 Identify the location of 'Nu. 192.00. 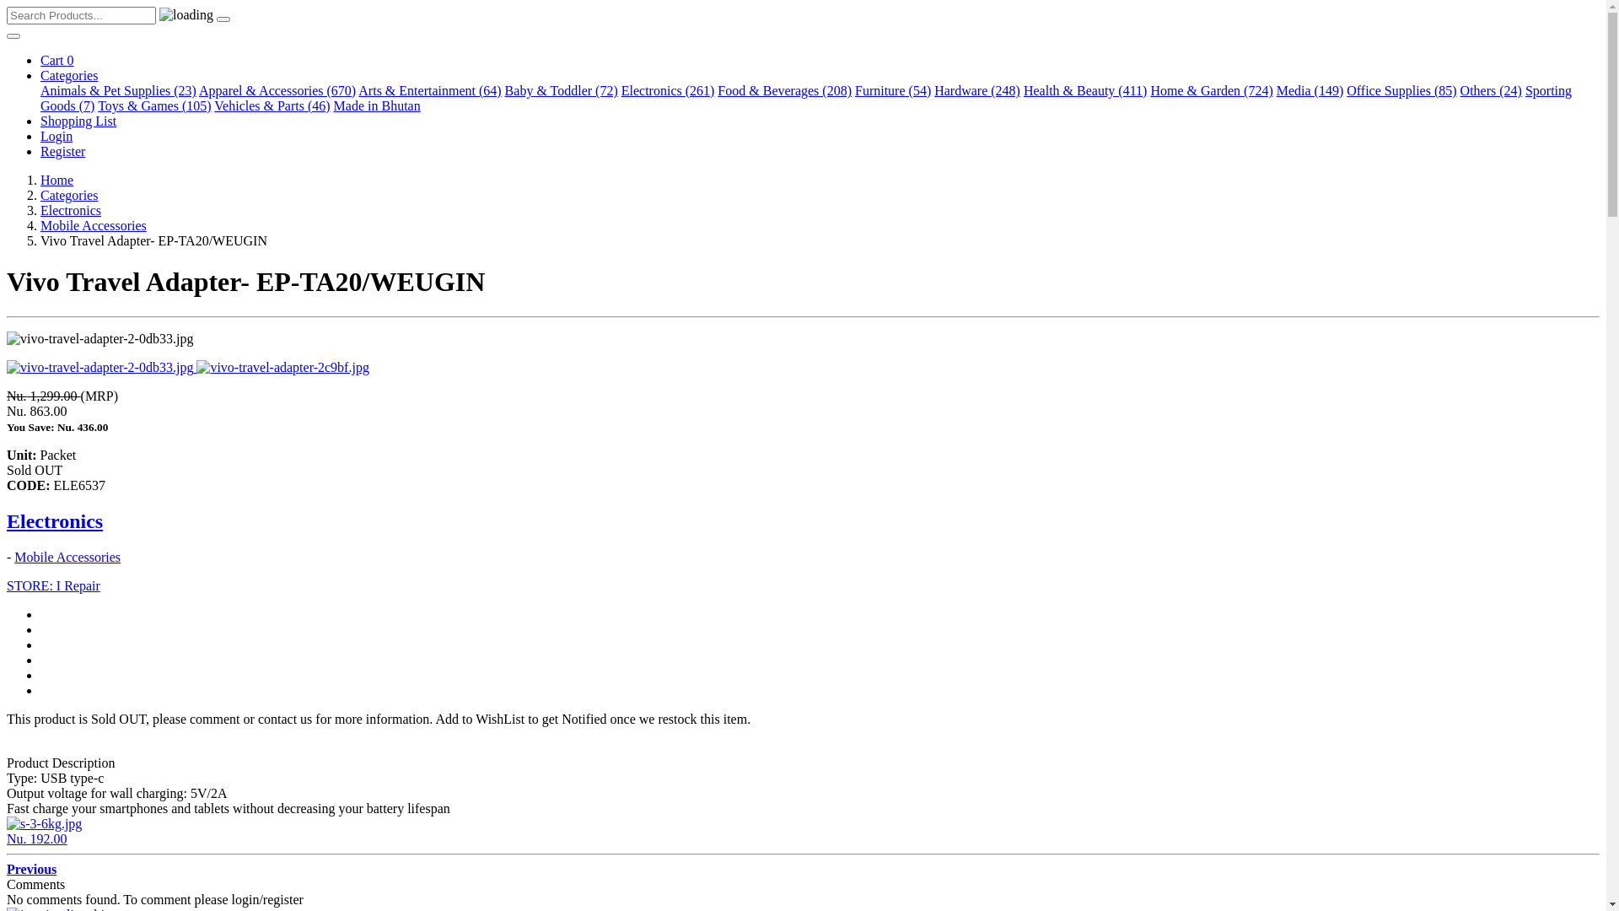
(802, 846).